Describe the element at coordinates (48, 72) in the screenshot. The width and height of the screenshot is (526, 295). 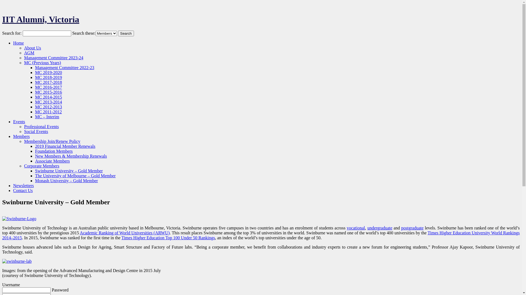
I see `'MC 2019-2020'` at that location.